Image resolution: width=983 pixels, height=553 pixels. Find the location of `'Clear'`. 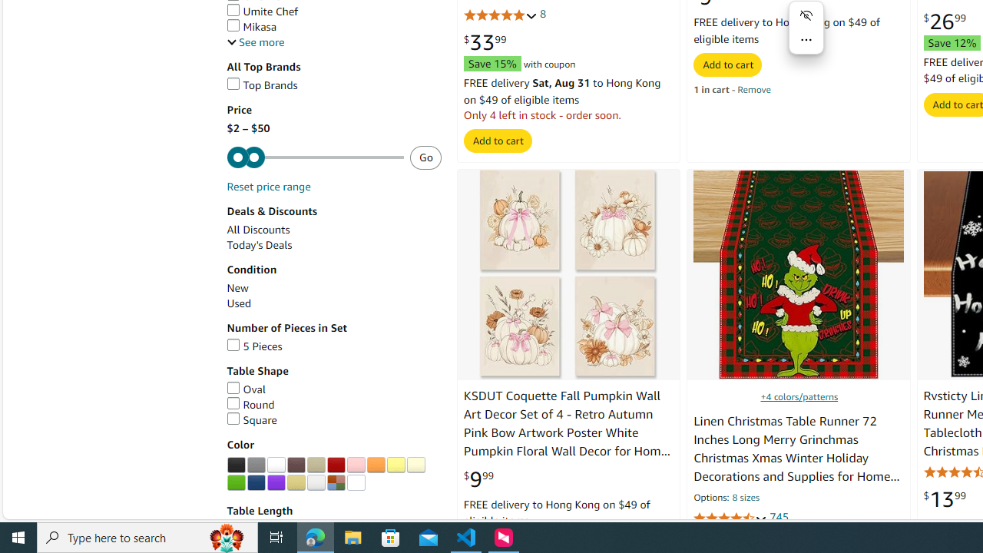

'Clear' is located at coordinates (355, 482).